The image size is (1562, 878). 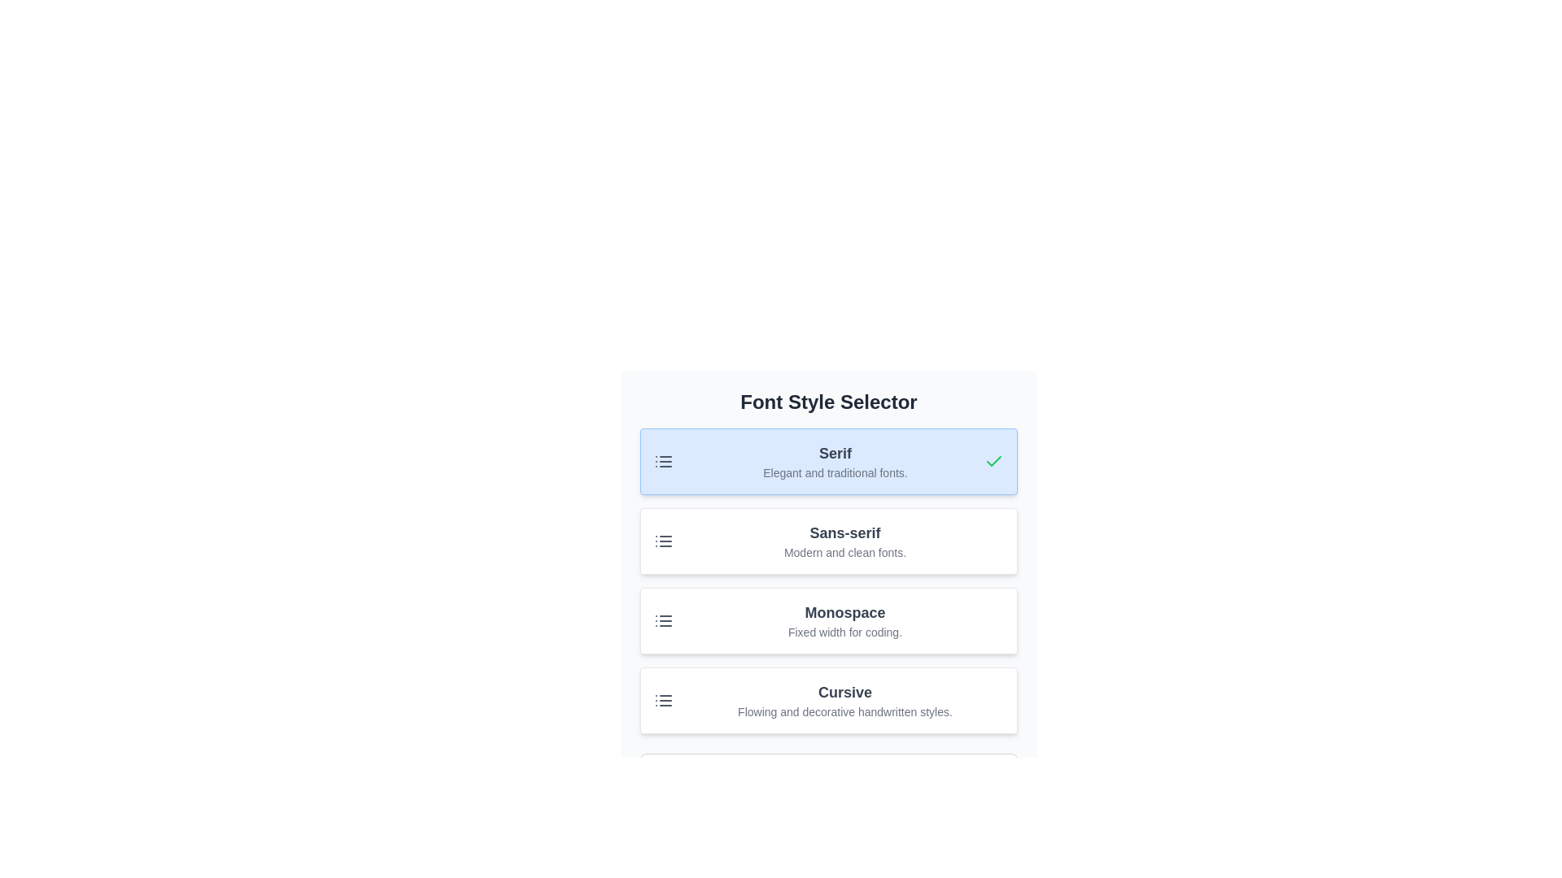 What do you see at coordinates (836, 473) in the screenshot?
I see `the text field displaying 'Elegant and traditional fonts.' which is located below the 'Serif' title and is part of the 'Font Style Selector' section` at bounding box center [836, 473].